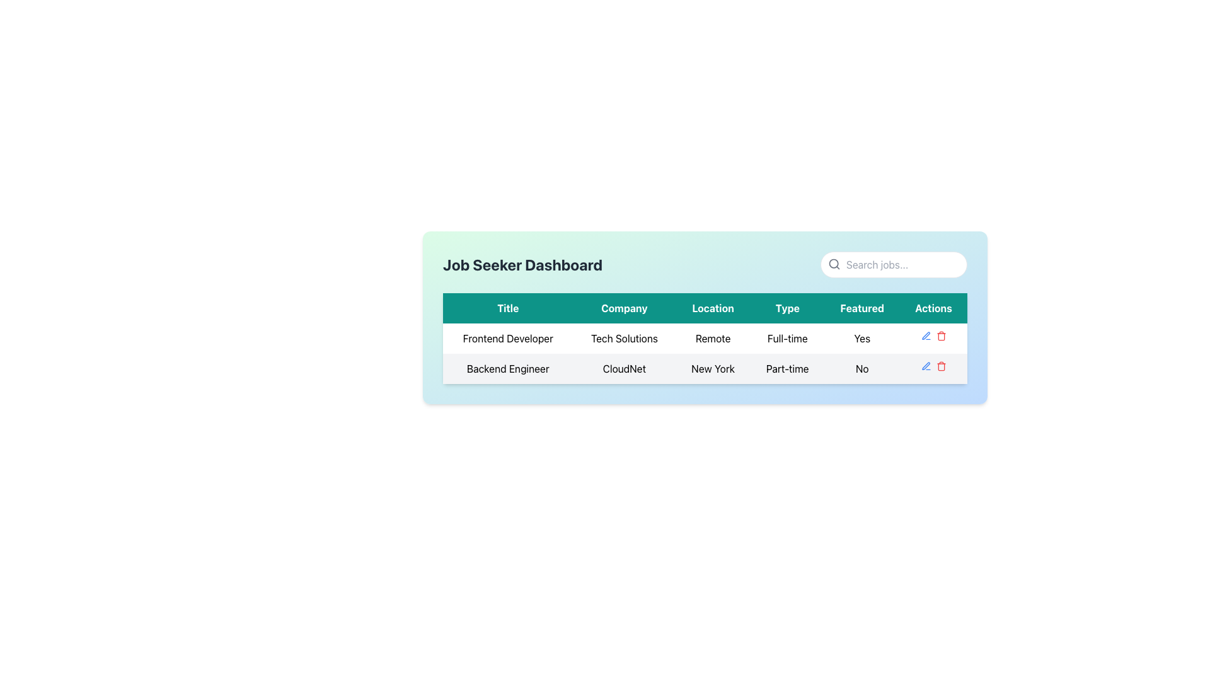  What do you see at coordinates (861, 369) in the screenshot?
I see `the 'No' text label indicating that the job posting is not featured, located in the table row for 'Backend Engineer' under the 'Featured' column` at bounding box center [861, 369].